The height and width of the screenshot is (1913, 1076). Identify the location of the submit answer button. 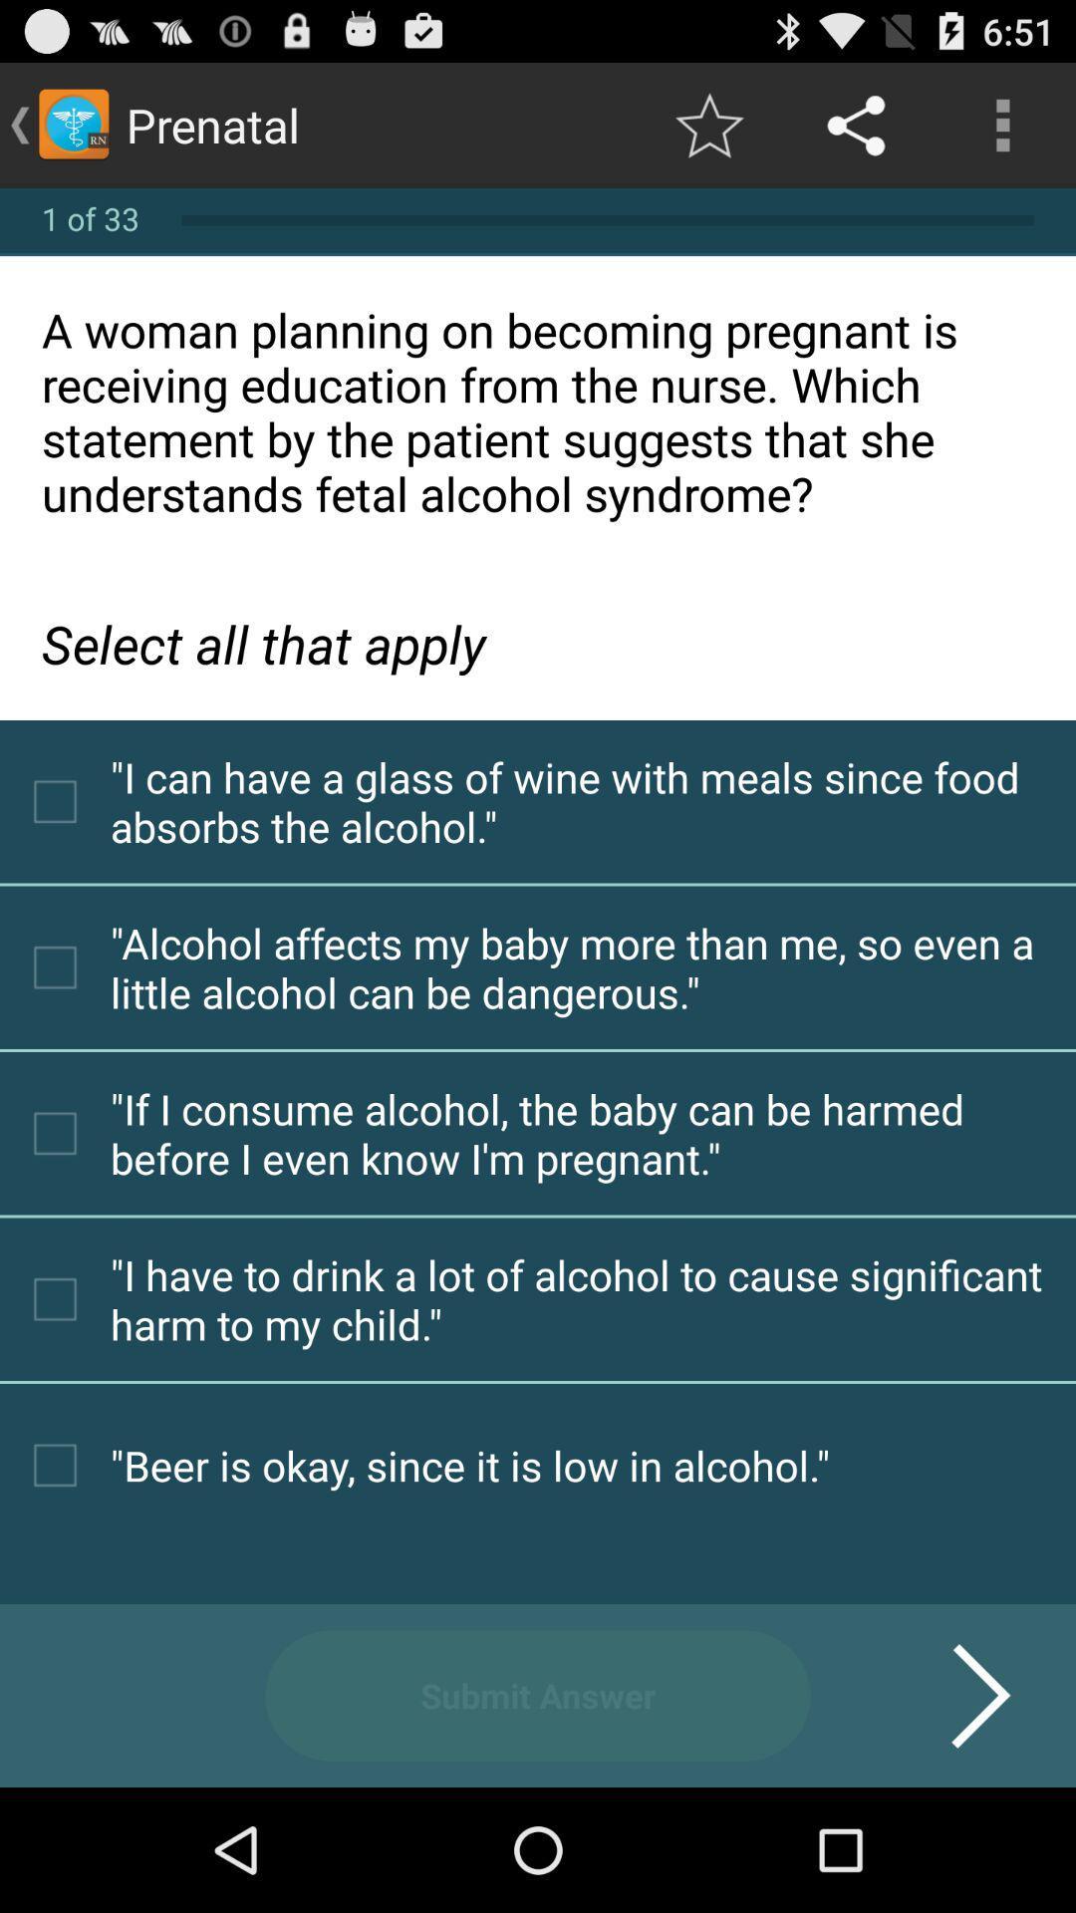
(538, 1695).